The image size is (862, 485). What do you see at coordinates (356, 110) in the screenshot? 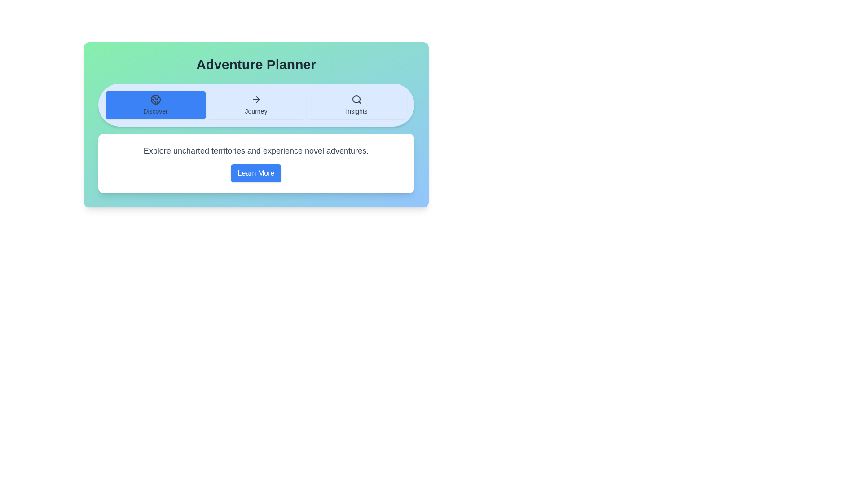
I see `the static label text displaying 'Insights', which is located at the bottom-center of the tab button, below a search icon, in the rightmost section of the tab navigation` at bounding box center [356, 110].